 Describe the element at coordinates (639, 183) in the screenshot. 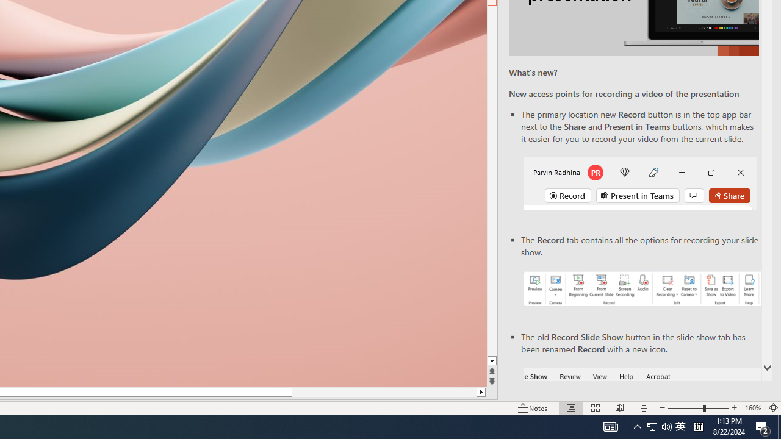

I see `'Record button in top bar'` at that location.